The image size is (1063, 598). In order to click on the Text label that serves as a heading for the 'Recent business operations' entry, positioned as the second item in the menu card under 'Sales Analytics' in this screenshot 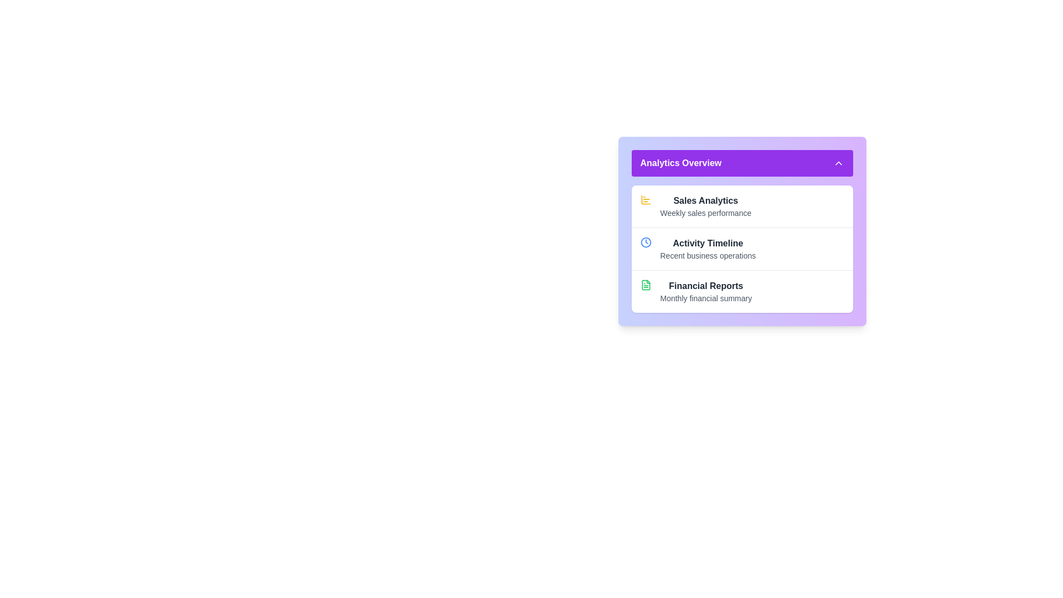, I will do `click(707, 243)`.